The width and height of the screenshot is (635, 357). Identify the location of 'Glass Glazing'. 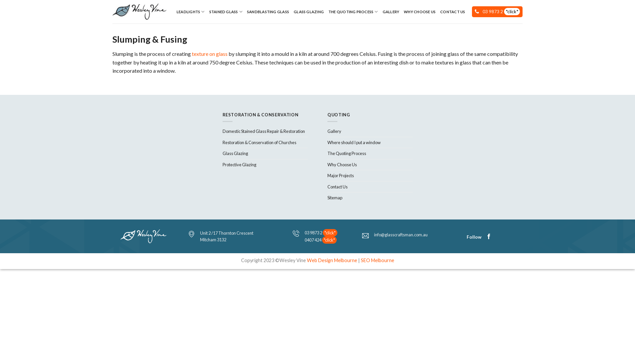
(235, 153).